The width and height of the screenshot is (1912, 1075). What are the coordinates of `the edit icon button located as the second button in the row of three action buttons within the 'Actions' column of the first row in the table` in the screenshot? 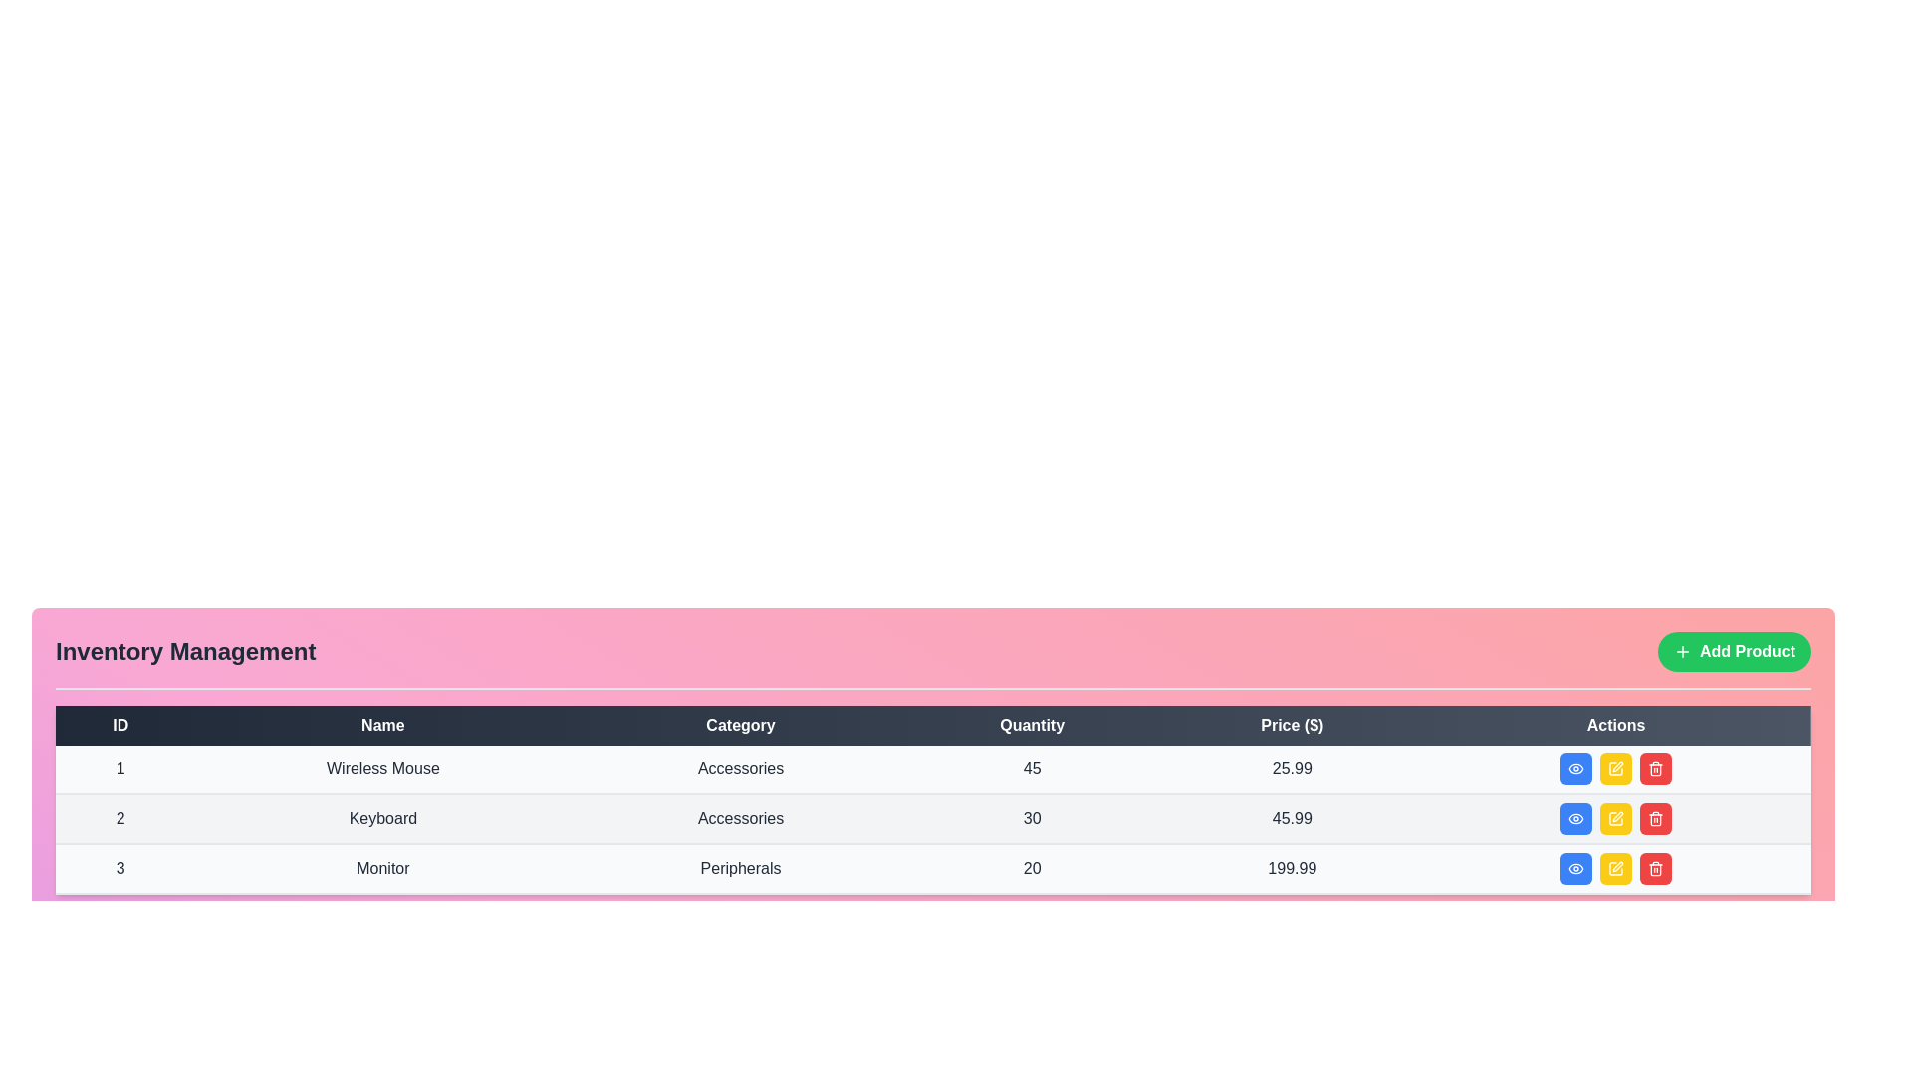 It's located at (1616, 767).